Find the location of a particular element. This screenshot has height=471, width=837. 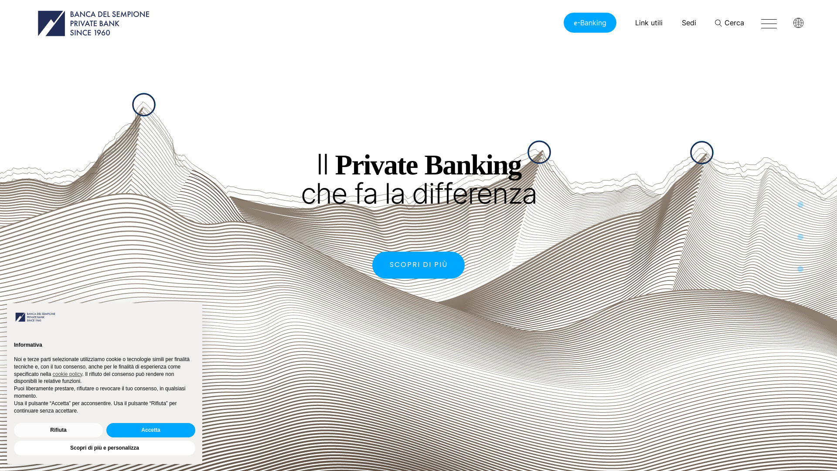

'e-Banking' is located at coordinates (563, 22).